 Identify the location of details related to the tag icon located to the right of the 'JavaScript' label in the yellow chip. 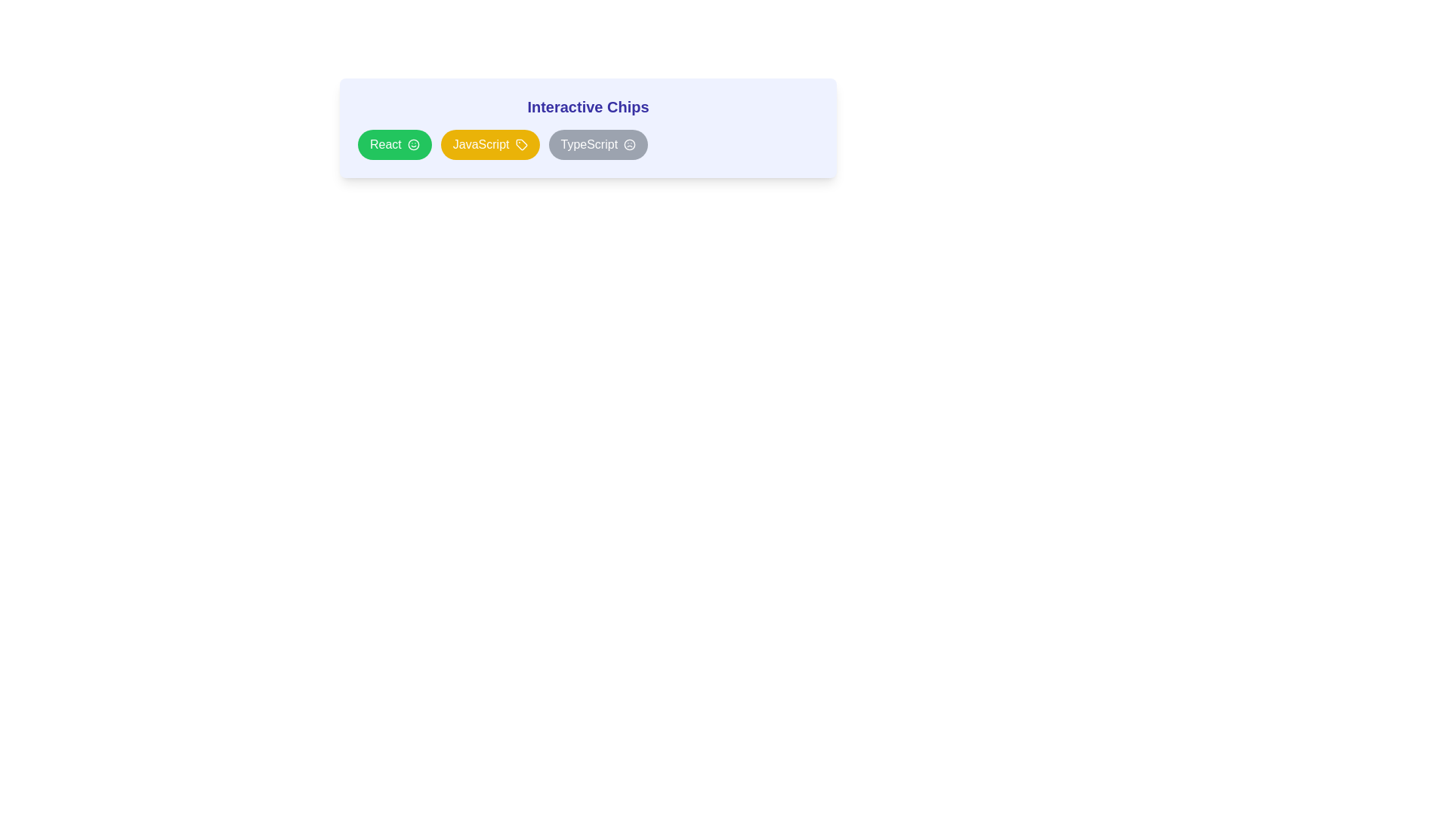
(521, 145).